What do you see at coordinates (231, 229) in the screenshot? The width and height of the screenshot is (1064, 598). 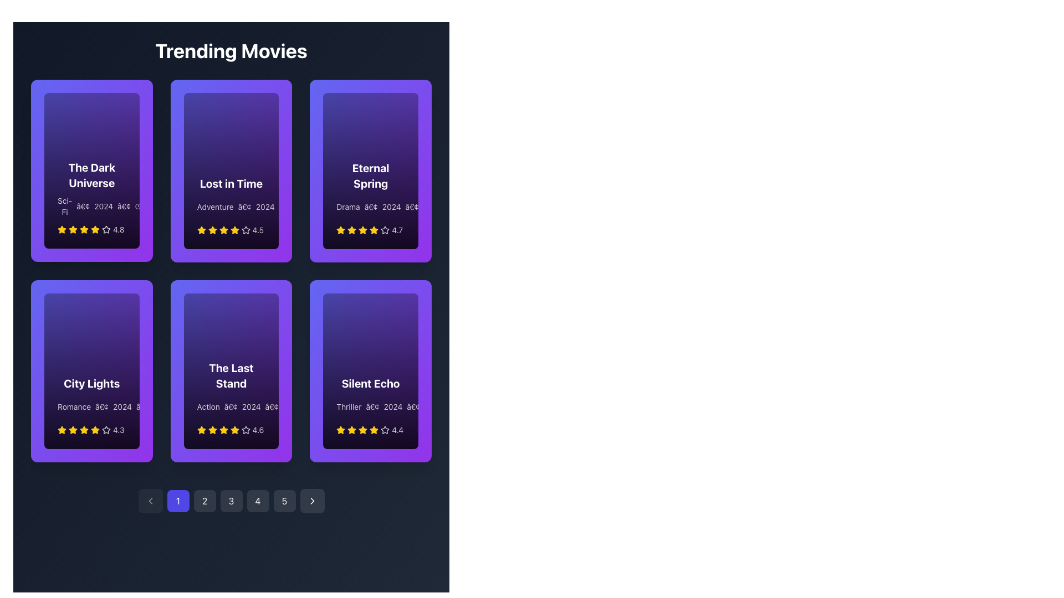 I see `the rating display for the movie 'Lost in Time', which visually indicates the rating using stars and a numerical value, located at the bottom of the movie card` at bounding box center [231, 229].